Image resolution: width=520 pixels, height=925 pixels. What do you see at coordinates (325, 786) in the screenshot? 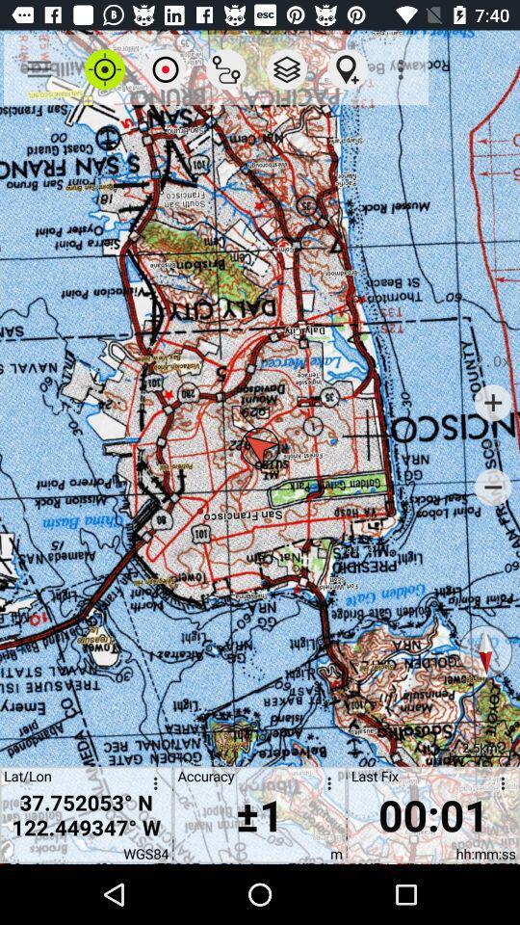
I see `the more icon` at bounding box center [325, 786].